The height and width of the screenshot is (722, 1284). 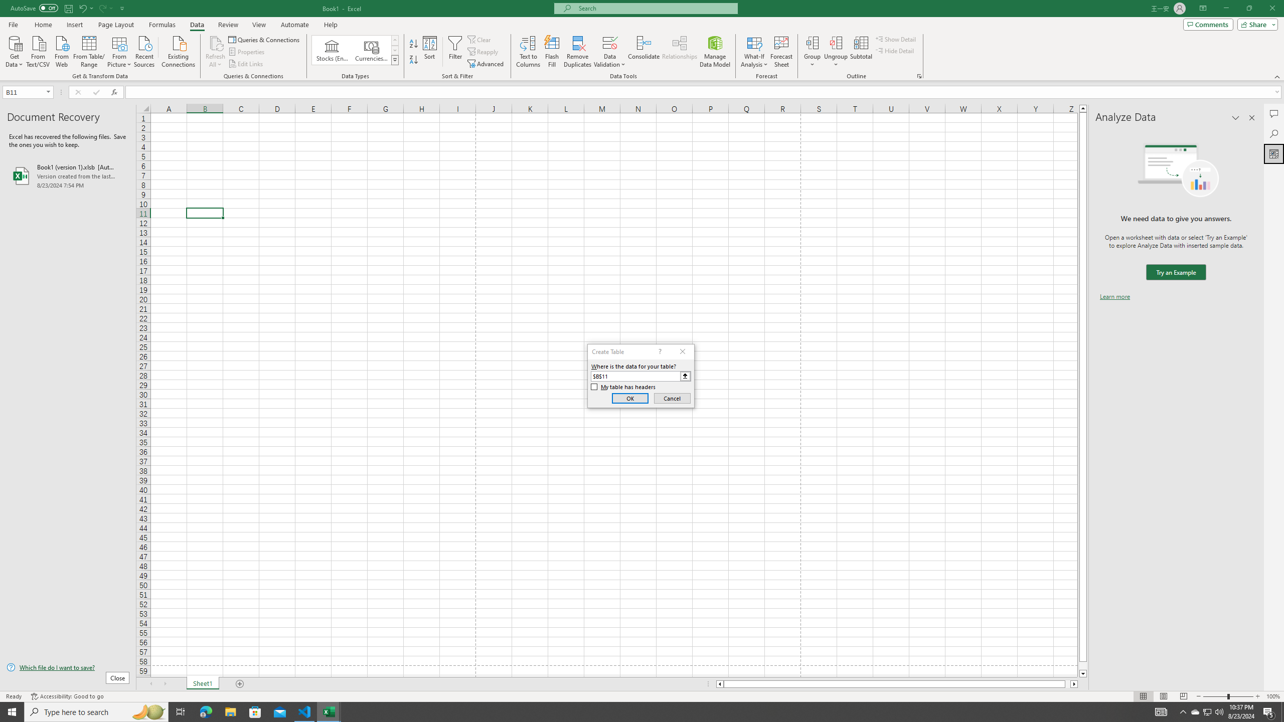 I want to click on 'AutomationID: ConvertToLinkedEntity', so click(x=356, y=50).